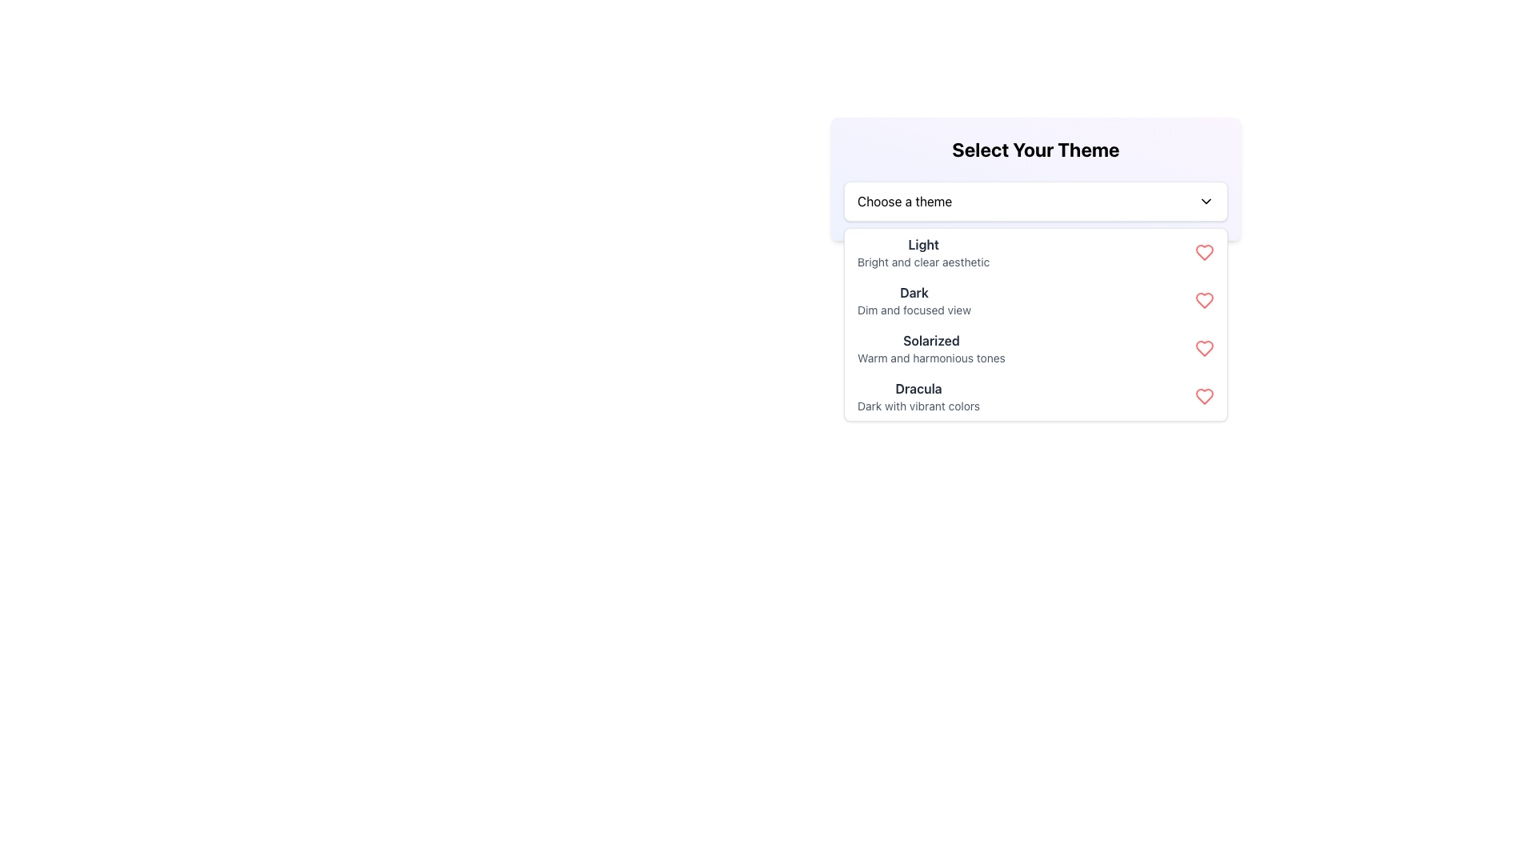 The width and height of the screenshot is (1536, 864). What do you see at coordinates (1206, 200) in the screenshot?
I see `the chevron-down icon located at the far-right side of the 'Choose a theme' text` at bounding box center [1206, 200].